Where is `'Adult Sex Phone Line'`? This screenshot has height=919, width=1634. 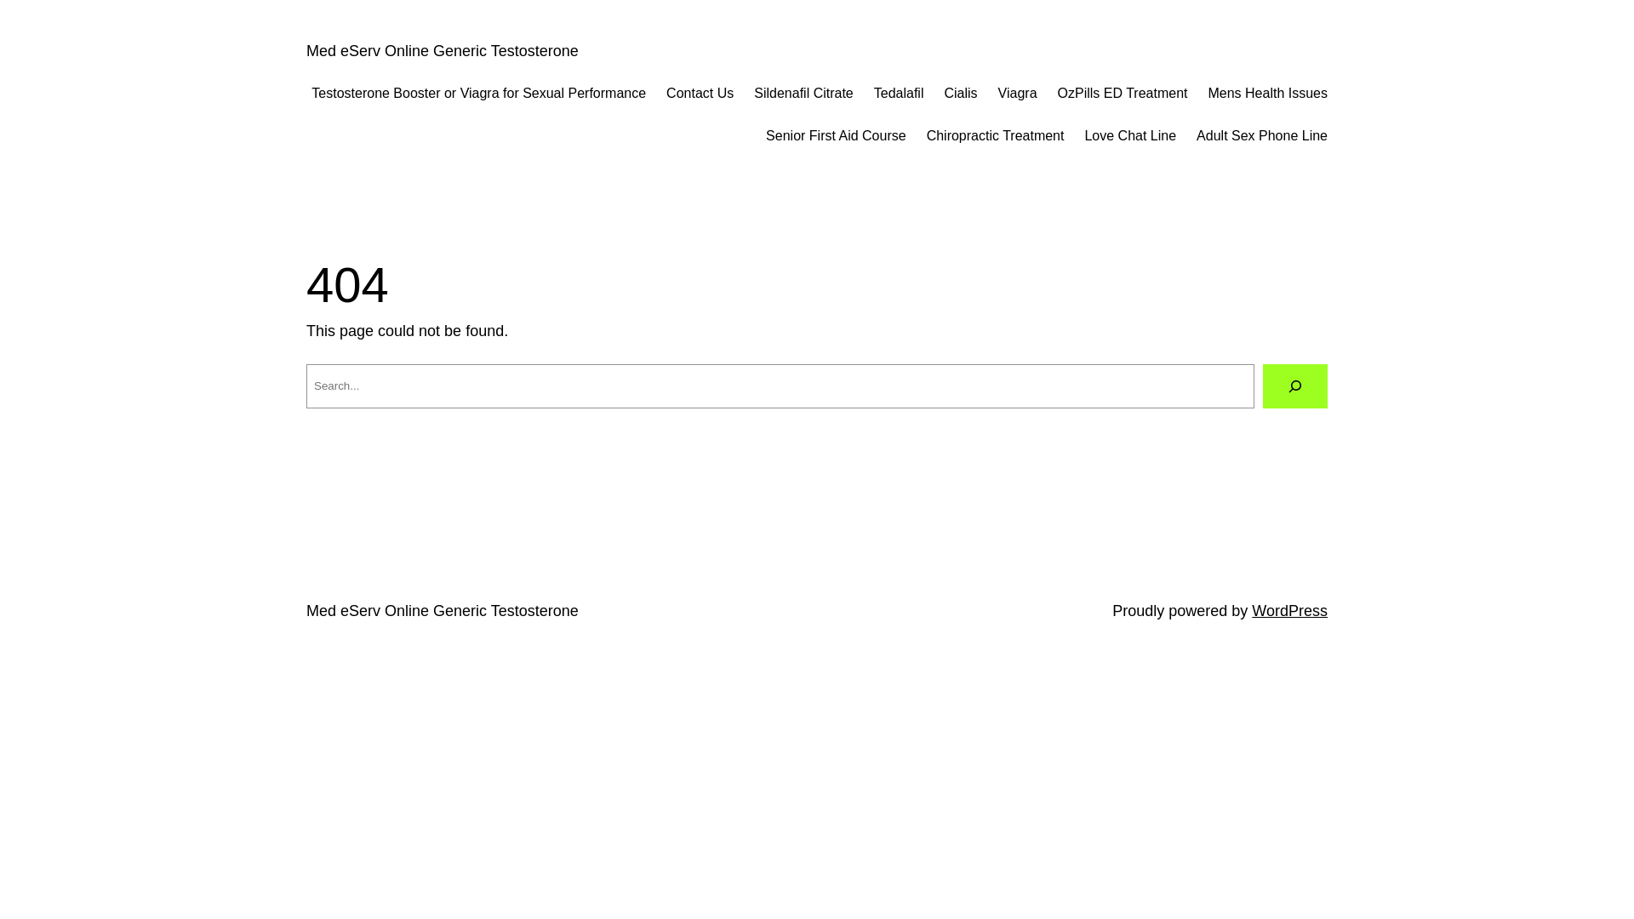
'Adult Sex Phone Line' is located at coordinates (1196, 134).